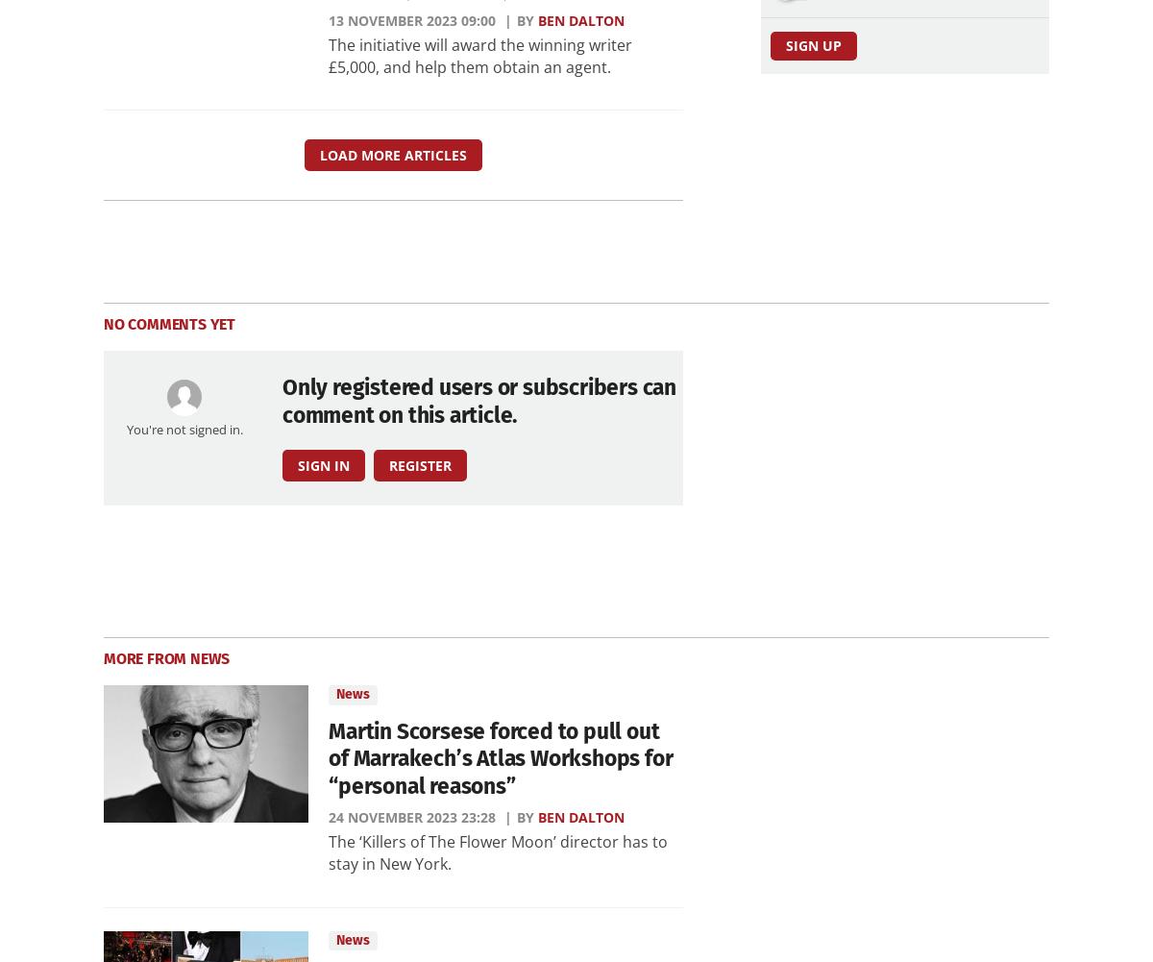 The height and width of the screenshot is (962, 1153). Describe the element at coordinates (328, 851) in the screenshot. I see `'The ‘Killers of The Flower Moon’ director has to stay in New York.'` at that location.